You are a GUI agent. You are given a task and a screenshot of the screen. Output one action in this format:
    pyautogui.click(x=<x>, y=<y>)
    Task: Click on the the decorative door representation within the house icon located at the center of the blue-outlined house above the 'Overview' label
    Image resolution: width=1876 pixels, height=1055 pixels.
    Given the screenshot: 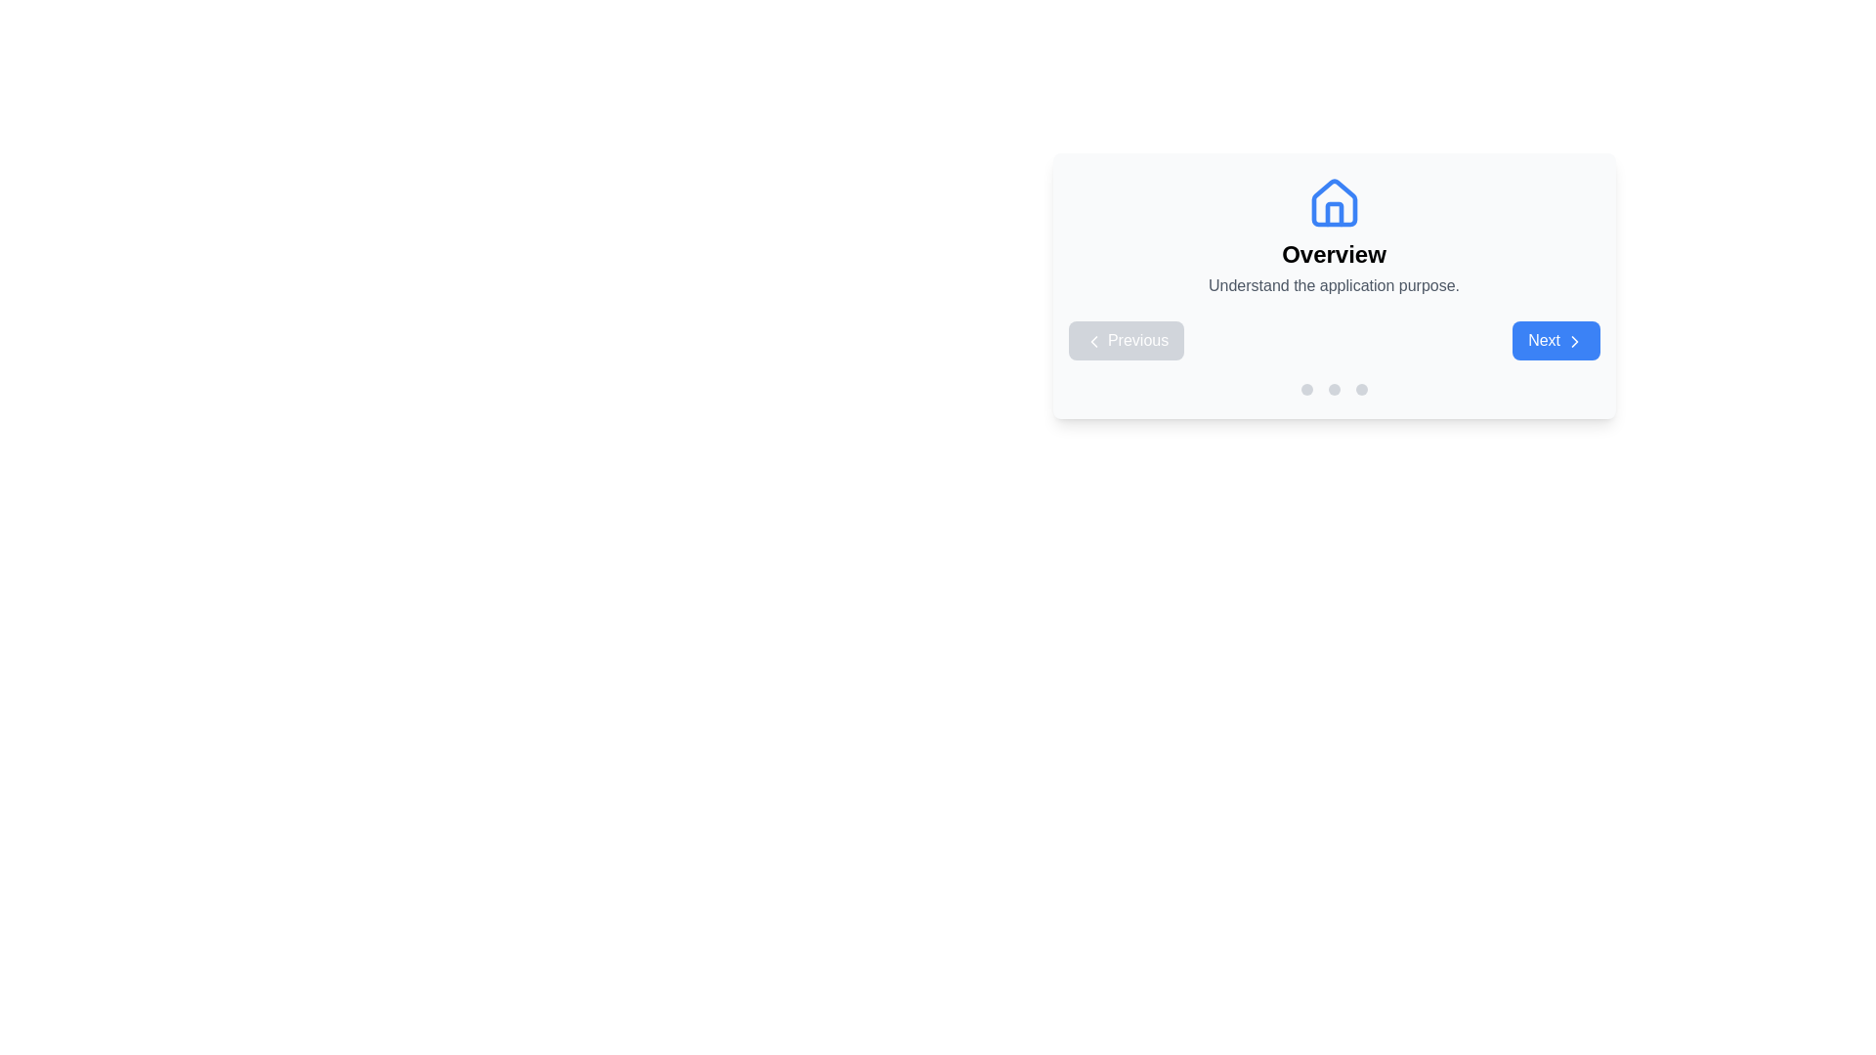 What is the action you would take?
    pyautogui.click(x=1333, y=214)
    